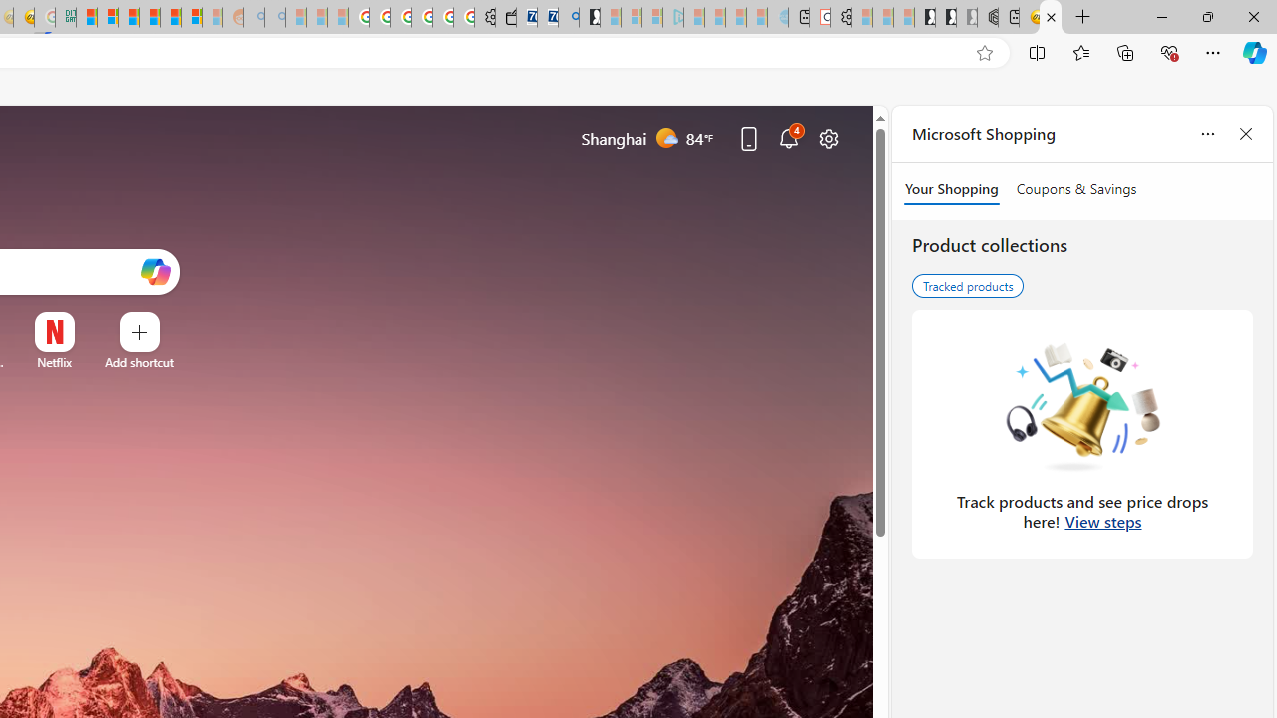 The width and height of the screenshot is (1277, 718). What do you see at coordinates (505, 17) in the screenshot?
I see `'Wallet'` at bounding box center [505, 17].